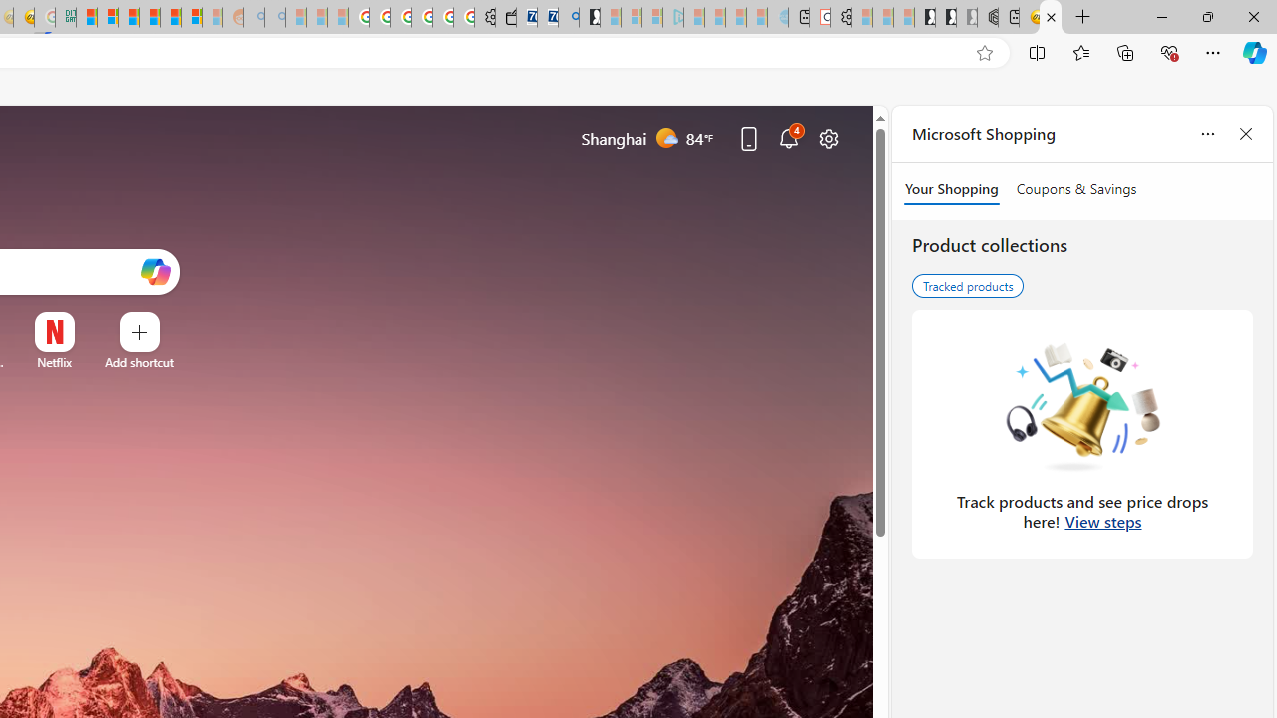 The width and height of the screenshot is (1277, 718). What do you see at coordinates (505, 17) in the screenshot?
I see `'Wallet'` at bounding box center [505, 17].